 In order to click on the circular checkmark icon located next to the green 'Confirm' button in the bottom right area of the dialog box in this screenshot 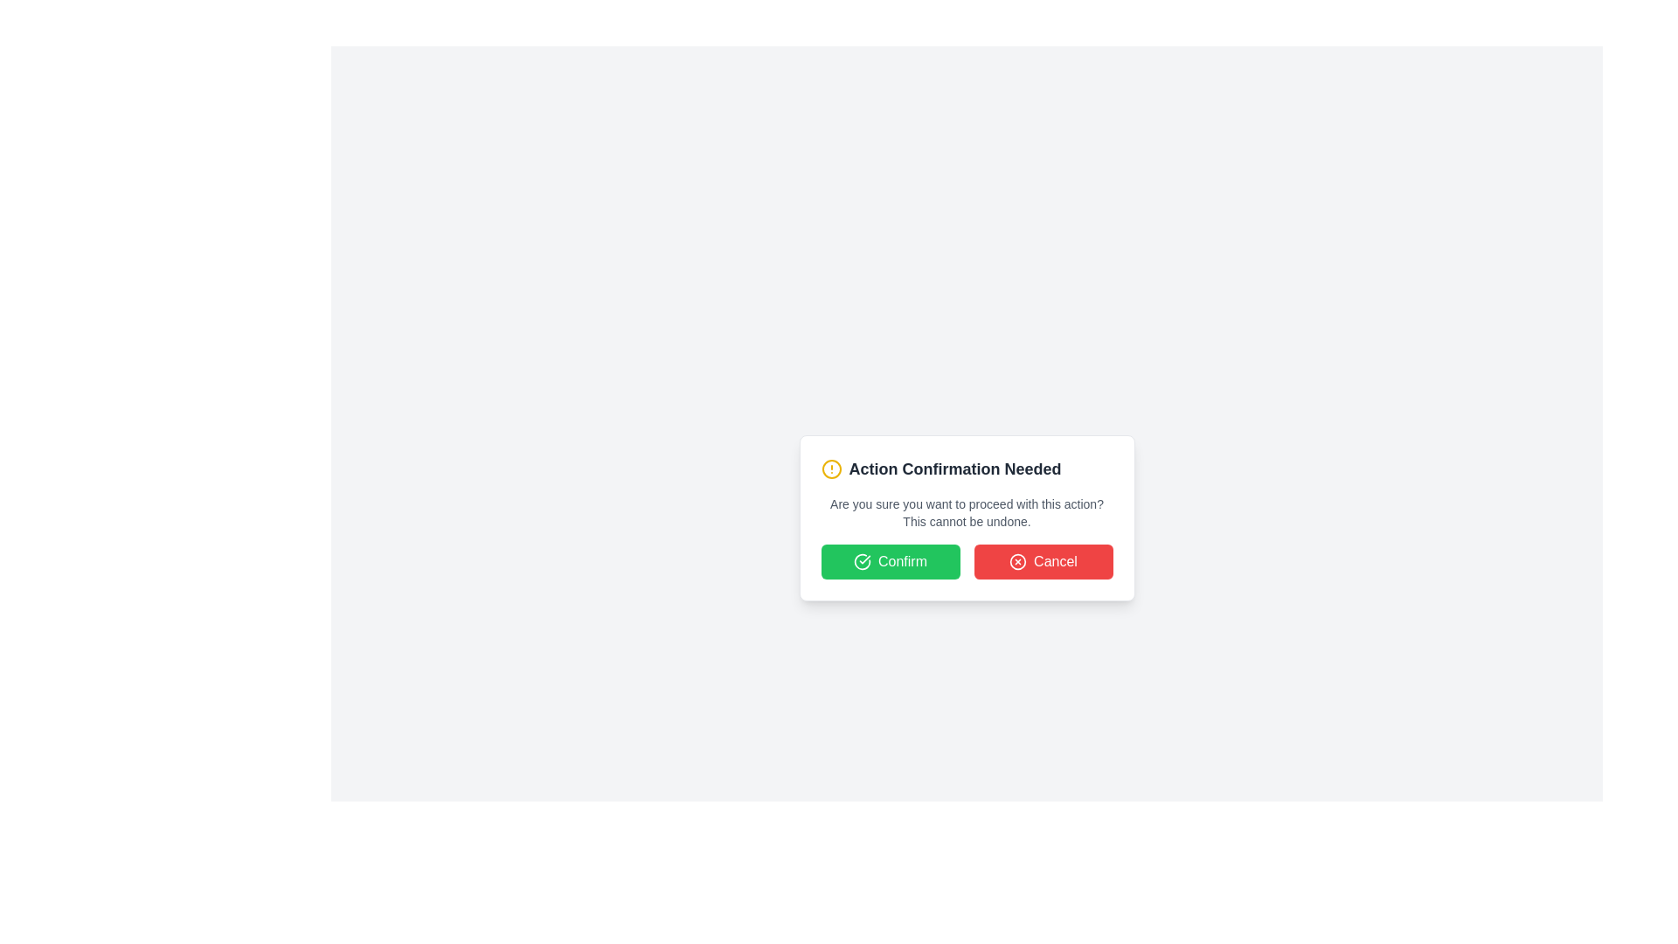, I will do `click(863, 562)`.